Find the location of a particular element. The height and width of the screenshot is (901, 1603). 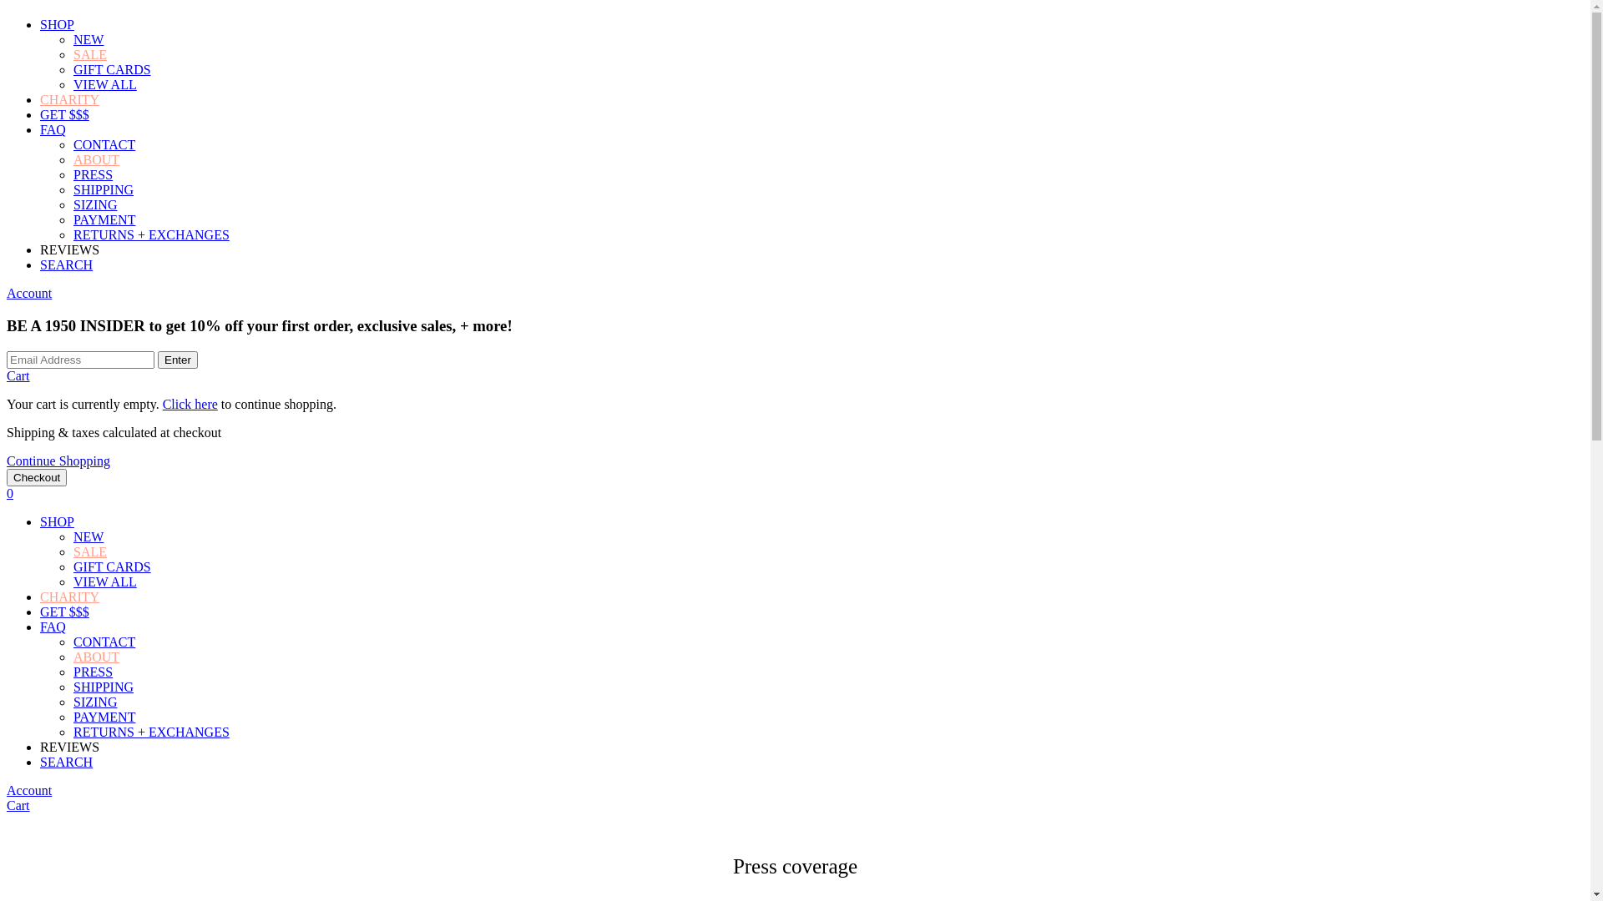

'SALE' is located at coordinates (88, 53).